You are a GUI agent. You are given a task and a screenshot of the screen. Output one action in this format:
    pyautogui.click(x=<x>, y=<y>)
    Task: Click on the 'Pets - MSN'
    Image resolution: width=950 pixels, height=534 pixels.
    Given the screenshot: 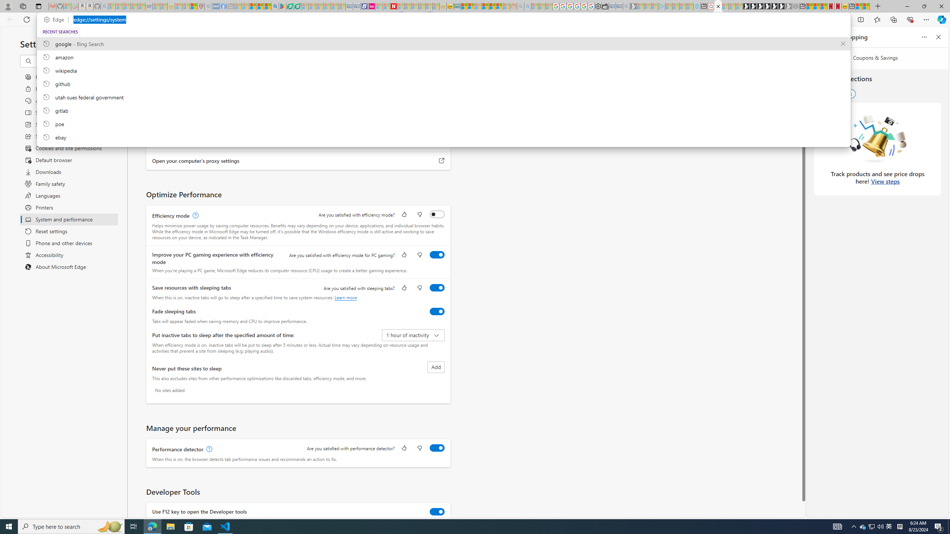 What is the action you would take?
    pyautogui.click(x=260, y=6)
    